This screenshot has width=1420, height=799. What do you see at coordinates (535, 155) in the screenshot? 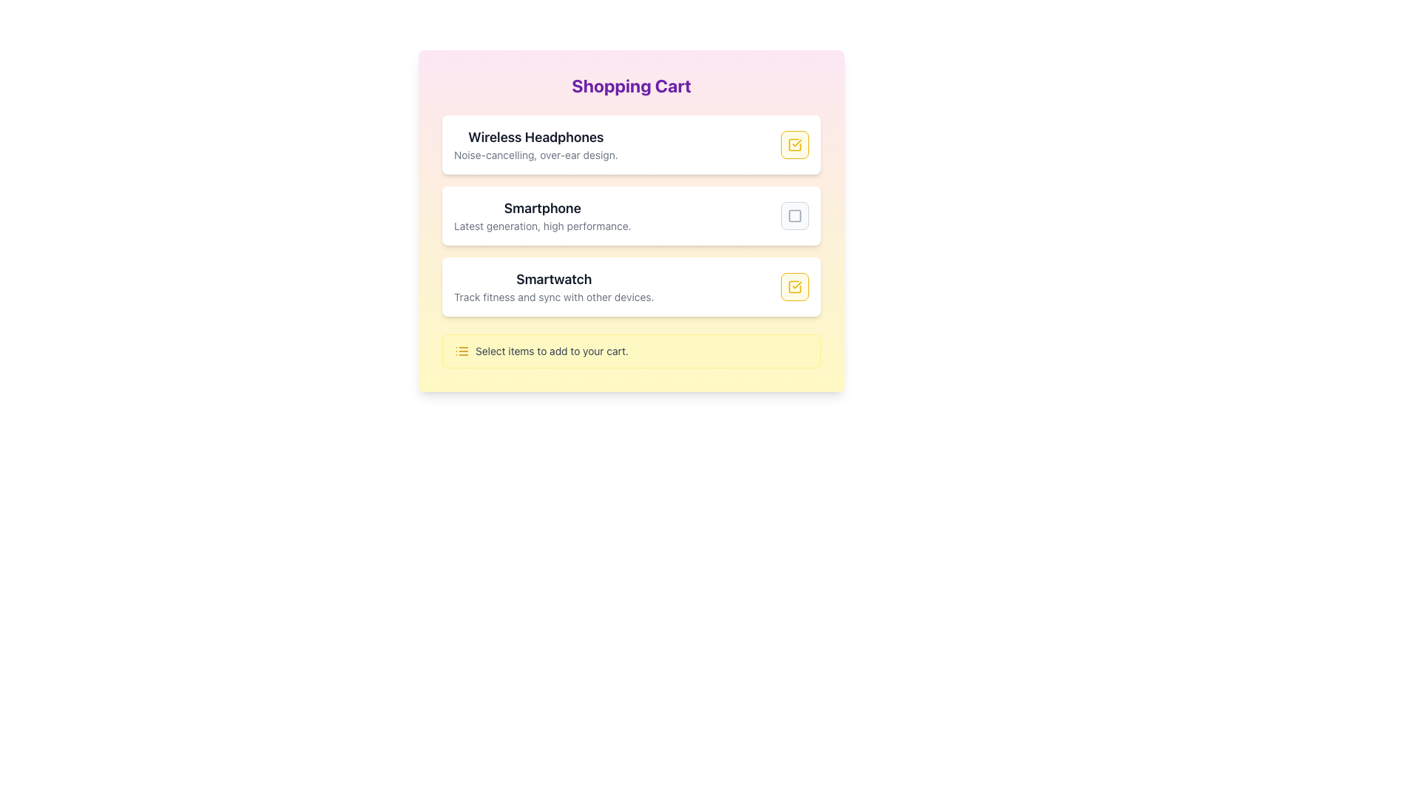
I see `the static text label providing details about the 'Wireless Headphones' in the shopping cart interface, located directly underneath the title` at bounding box center [535, 155].